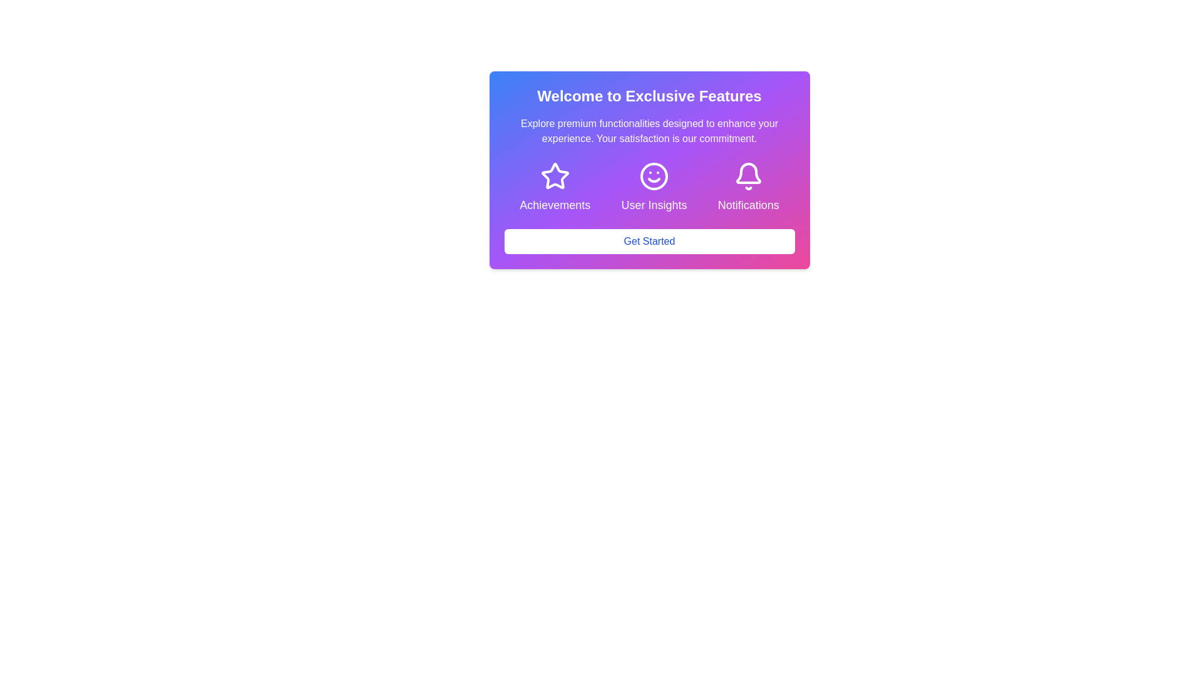 This screenshot has width=1202, height=676. Describe the element at coordinates (554, 176) in the screenshot. I see `the star icon representing the 'Achievements' feature, located in the left-most section of the interface's feature panel, directly above the 'Achievements' label` at that location.